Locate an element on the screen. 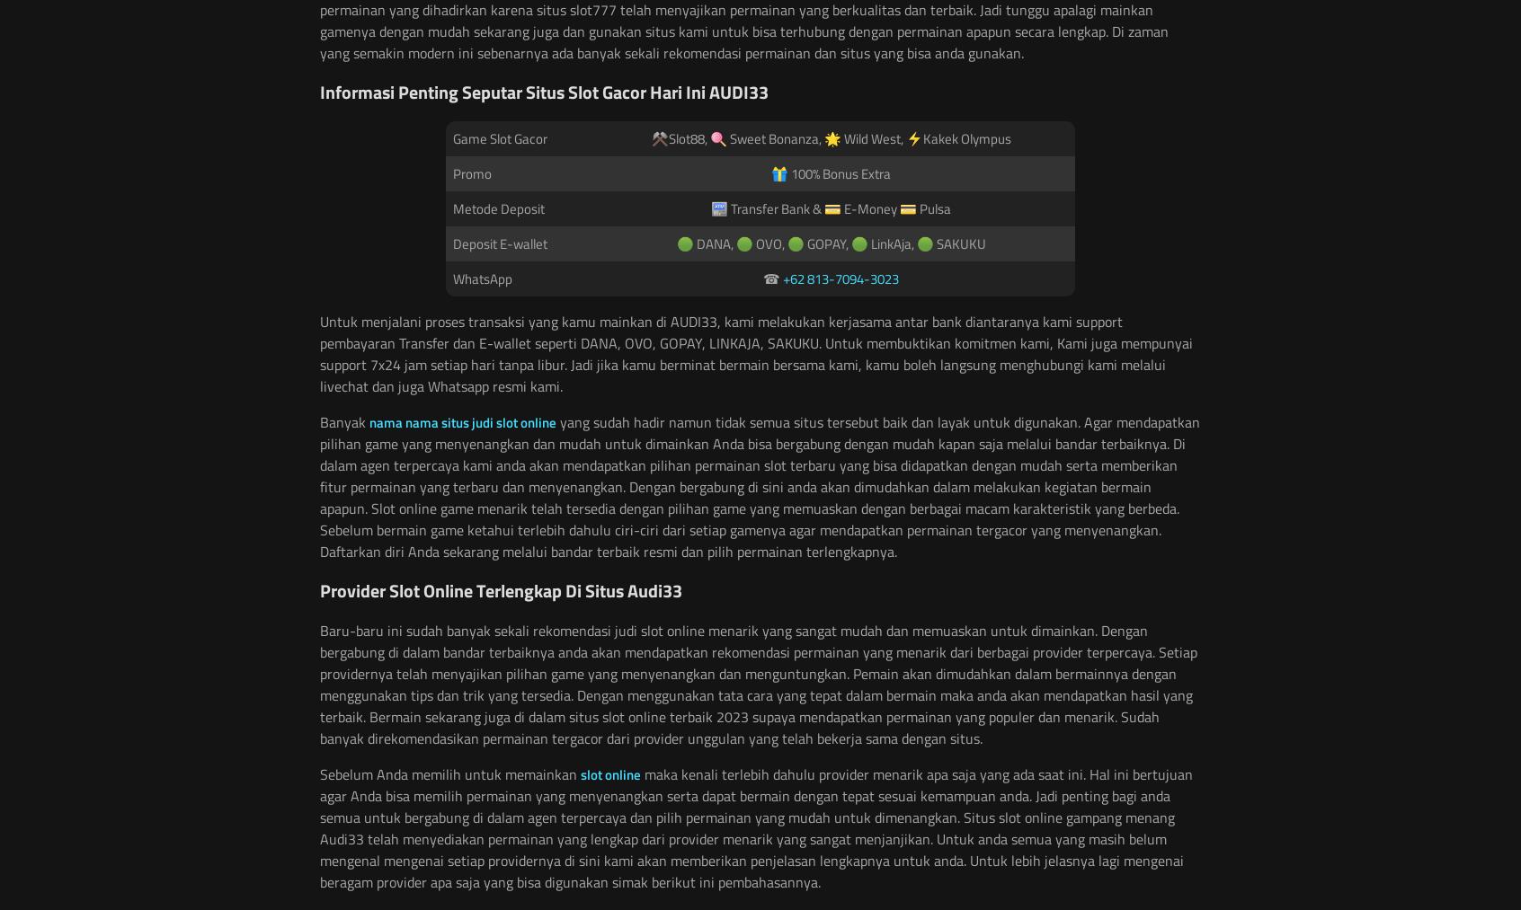 The width and height of the screenshot is (1521, 910). 'Deposit E-wallet' is located at coordinates (500, 242).